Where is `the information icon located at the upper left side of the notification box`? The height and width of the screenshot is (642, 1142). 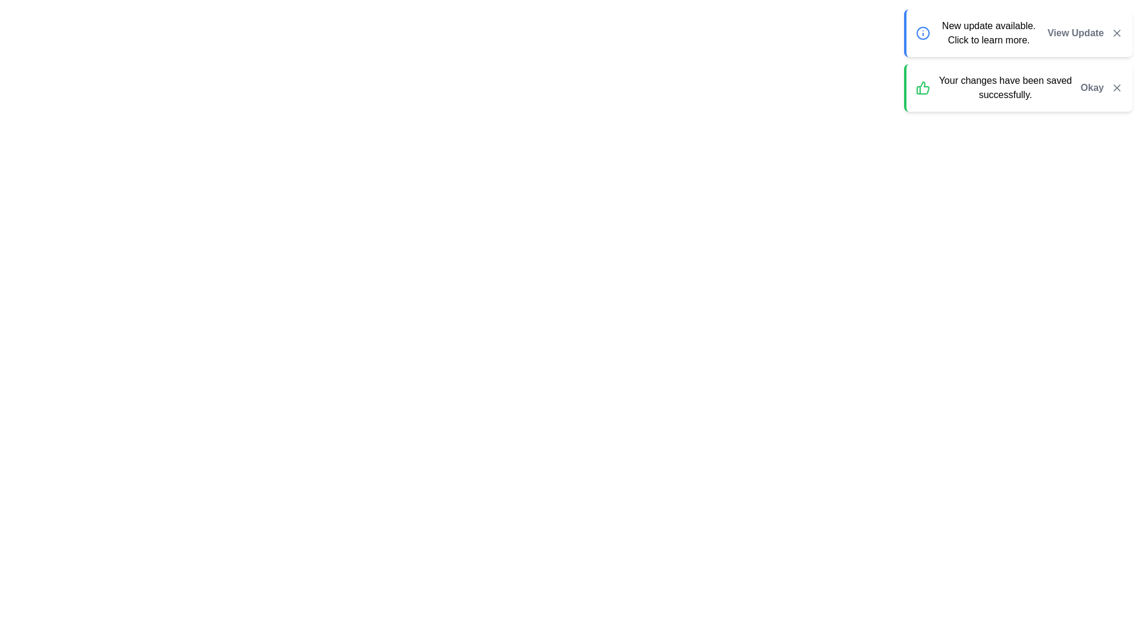 the information icon located at the upper left side of the notification box is located at coordinates (922, 33).